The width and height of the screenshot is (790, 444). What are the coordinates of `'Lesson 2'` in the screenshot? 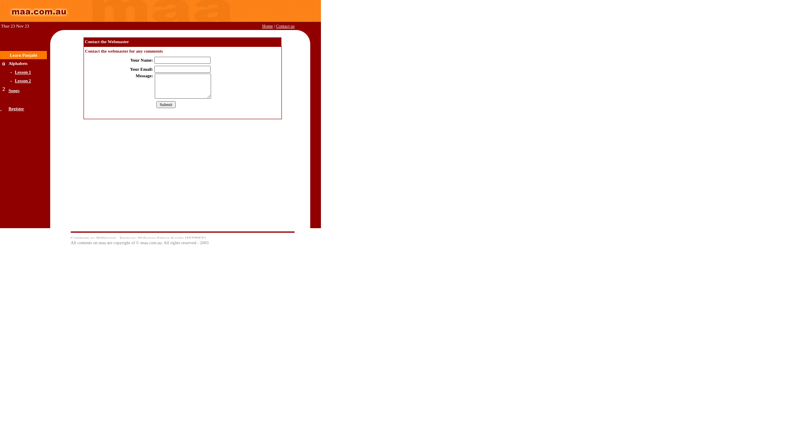 It's located at (23, 80).